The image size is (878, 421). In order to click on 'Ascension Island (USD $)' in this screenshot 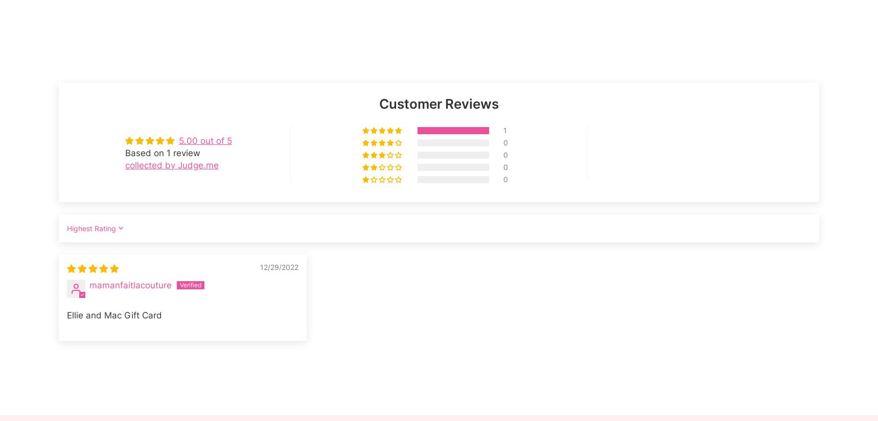, I will do `click(103, 195)`.